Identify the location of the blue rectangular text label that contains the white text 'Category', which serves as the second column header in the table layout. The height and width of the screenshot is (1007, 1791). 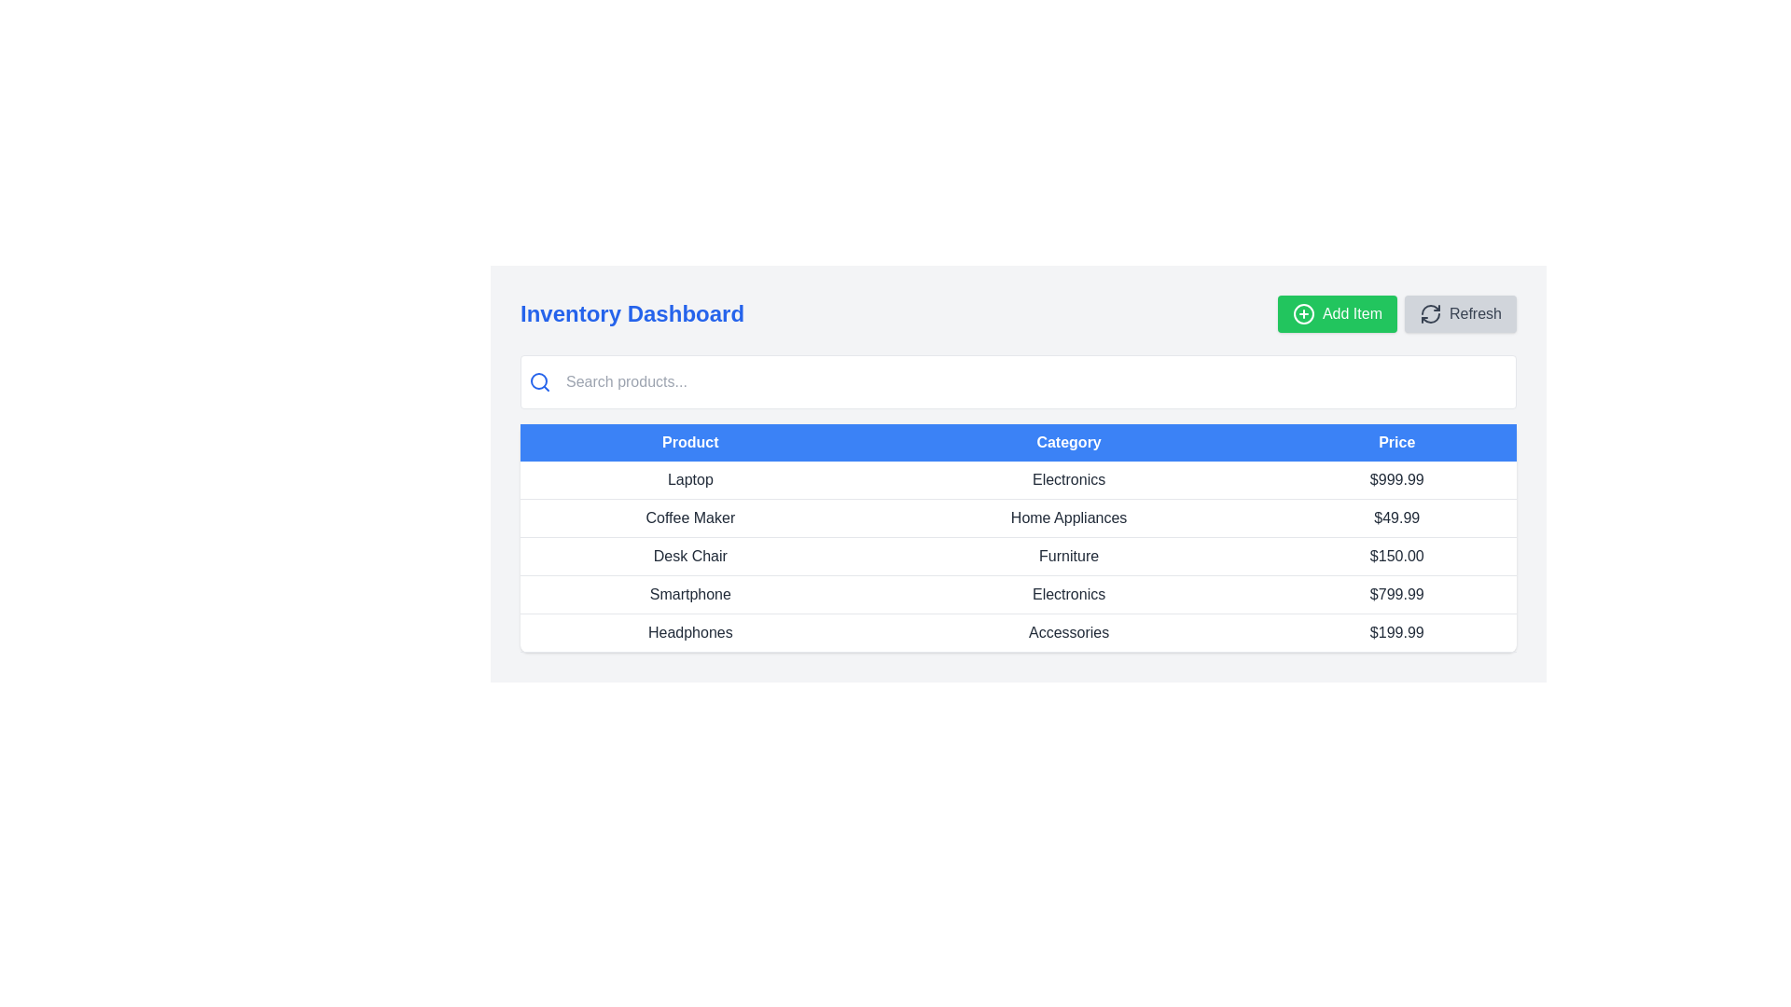
(1069, 442).